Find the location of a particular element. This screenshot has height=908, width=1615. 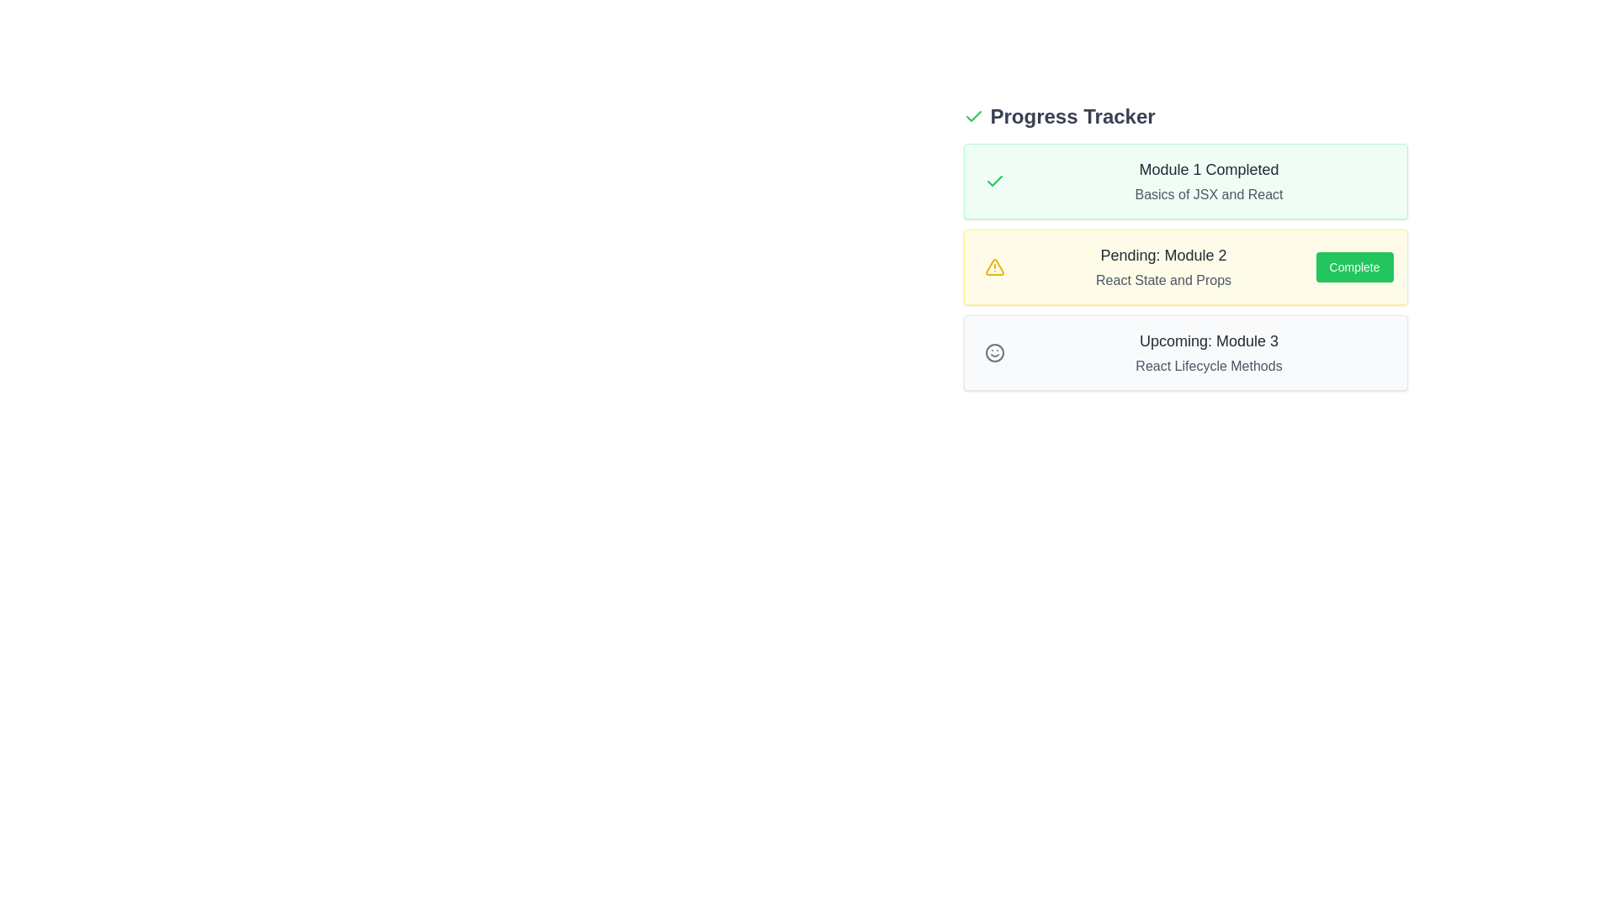

text from the Progress Tracker Module Block that shows 'Module 1 Completed' and 'Basics of JSX and React', which is located beneath the 'Progress Tracker' heading is located at coordinates (1184, 182).